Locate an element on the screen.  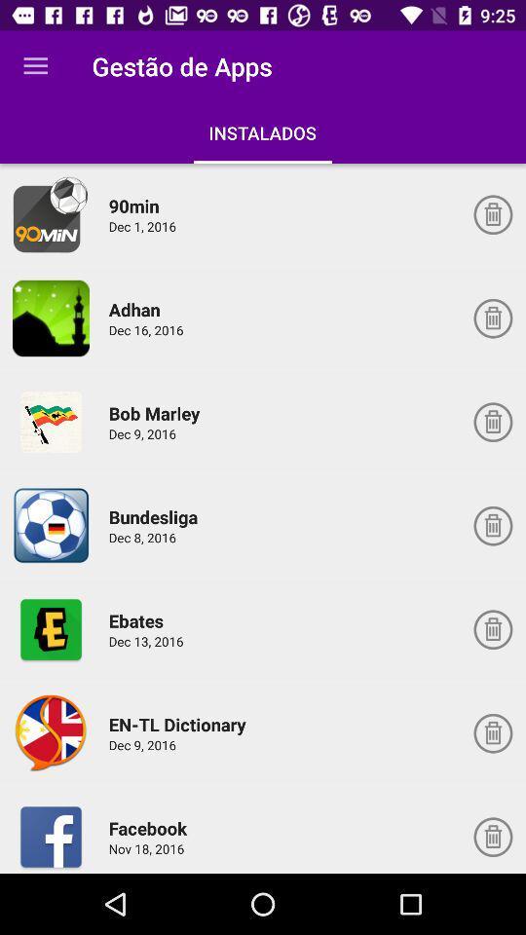
delete app is located at coordinates (492, 628).